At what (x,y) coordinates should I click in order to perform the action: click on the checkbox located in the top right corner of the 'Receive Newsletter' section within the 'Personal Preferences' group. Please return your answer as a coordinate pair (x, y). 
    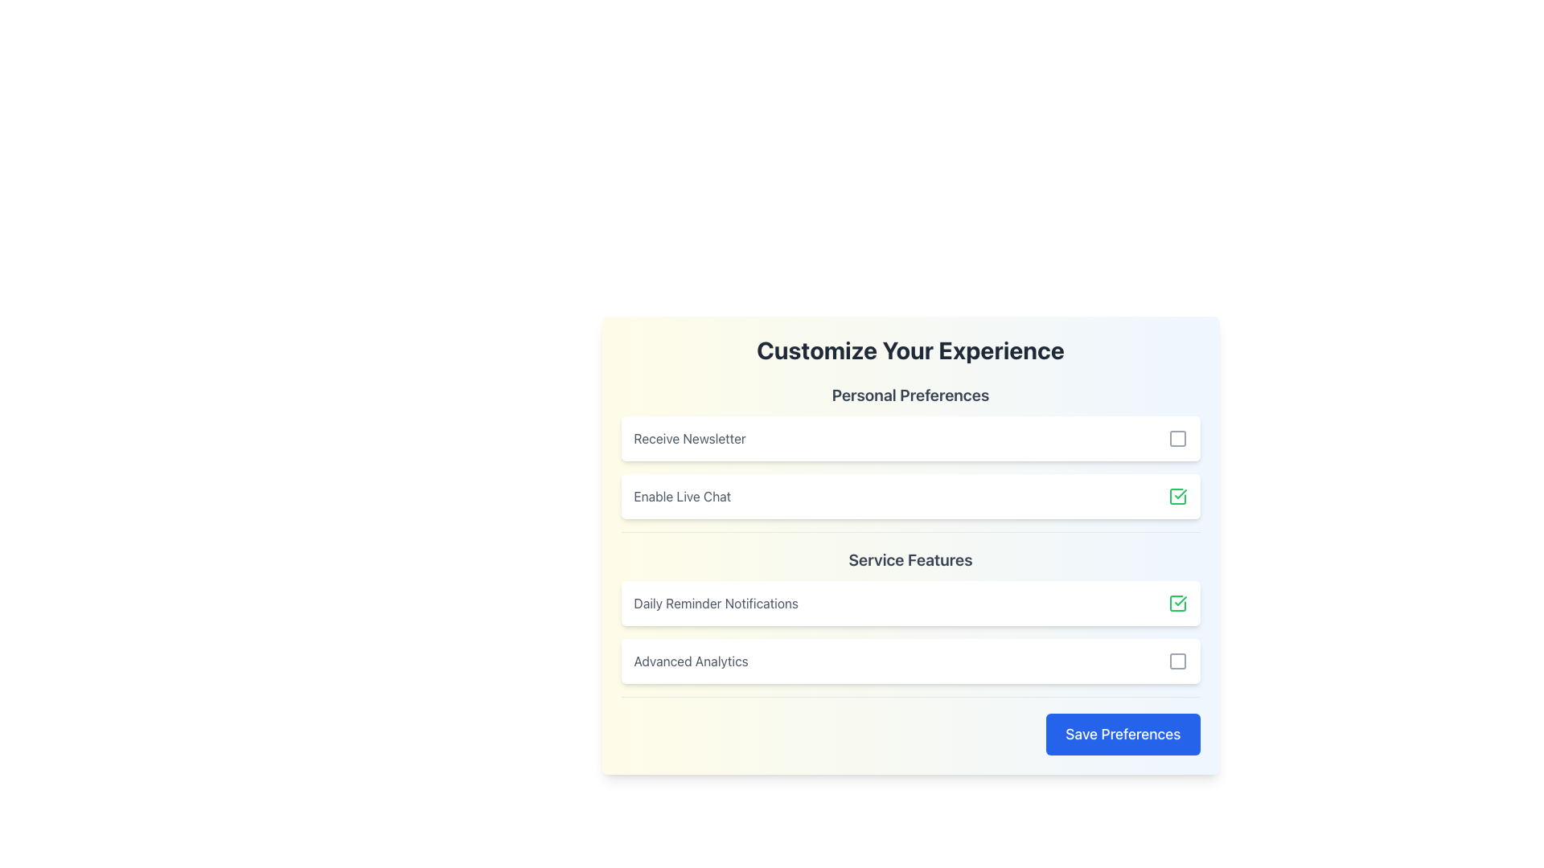
    Looking at the image, I should click on (1177, 439).